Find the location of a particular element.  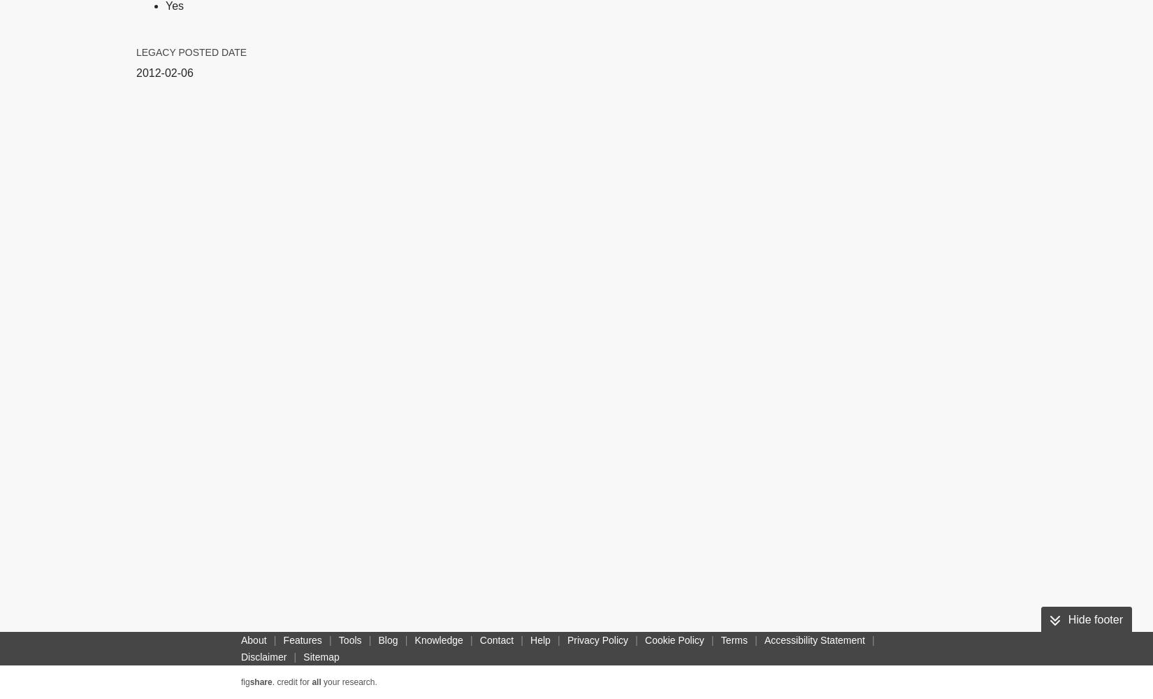

'Privacy Policy' is located at coordinates (597, 640).